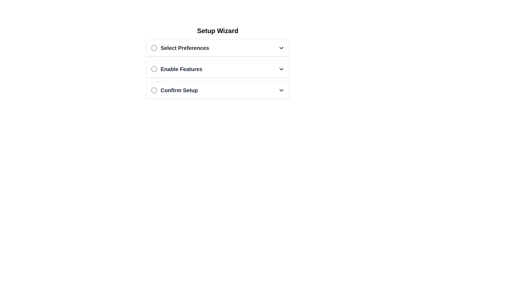 This screenshot has width=520, height=293. What do you see at coordinates (177, 69) in the screenshot?
I see `the 'Enable Features' button located in the central region of the interface, which is the second option in a vertical sequence of three, below 'Select Preferences' and above 'Confirm Setup'` at bounding box center [177, 69].